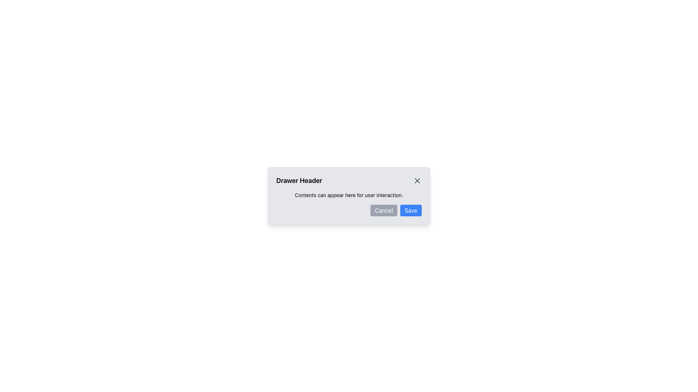 Image resolution: width=698 pixels, height=392 pixels. Describe the element at coordinates (411, 210) in the screenshot. I see `the 'Save' button, which is a rectangular button with a blue background and white text, located at the bottom-right corner of a dialog box` at that location.